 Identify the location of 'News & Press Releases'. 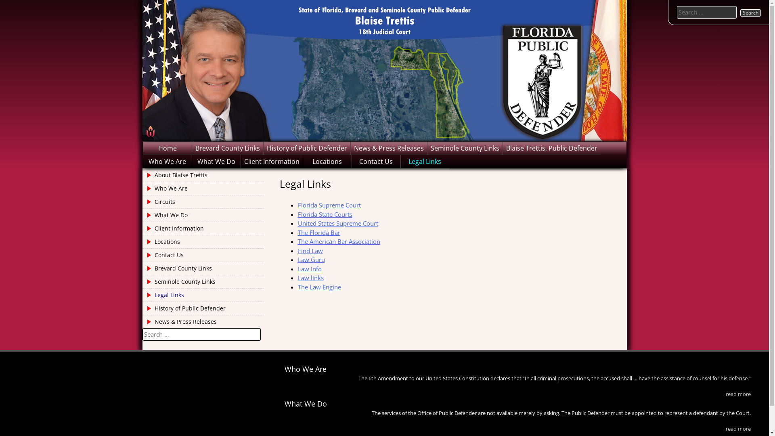
(203, 321).